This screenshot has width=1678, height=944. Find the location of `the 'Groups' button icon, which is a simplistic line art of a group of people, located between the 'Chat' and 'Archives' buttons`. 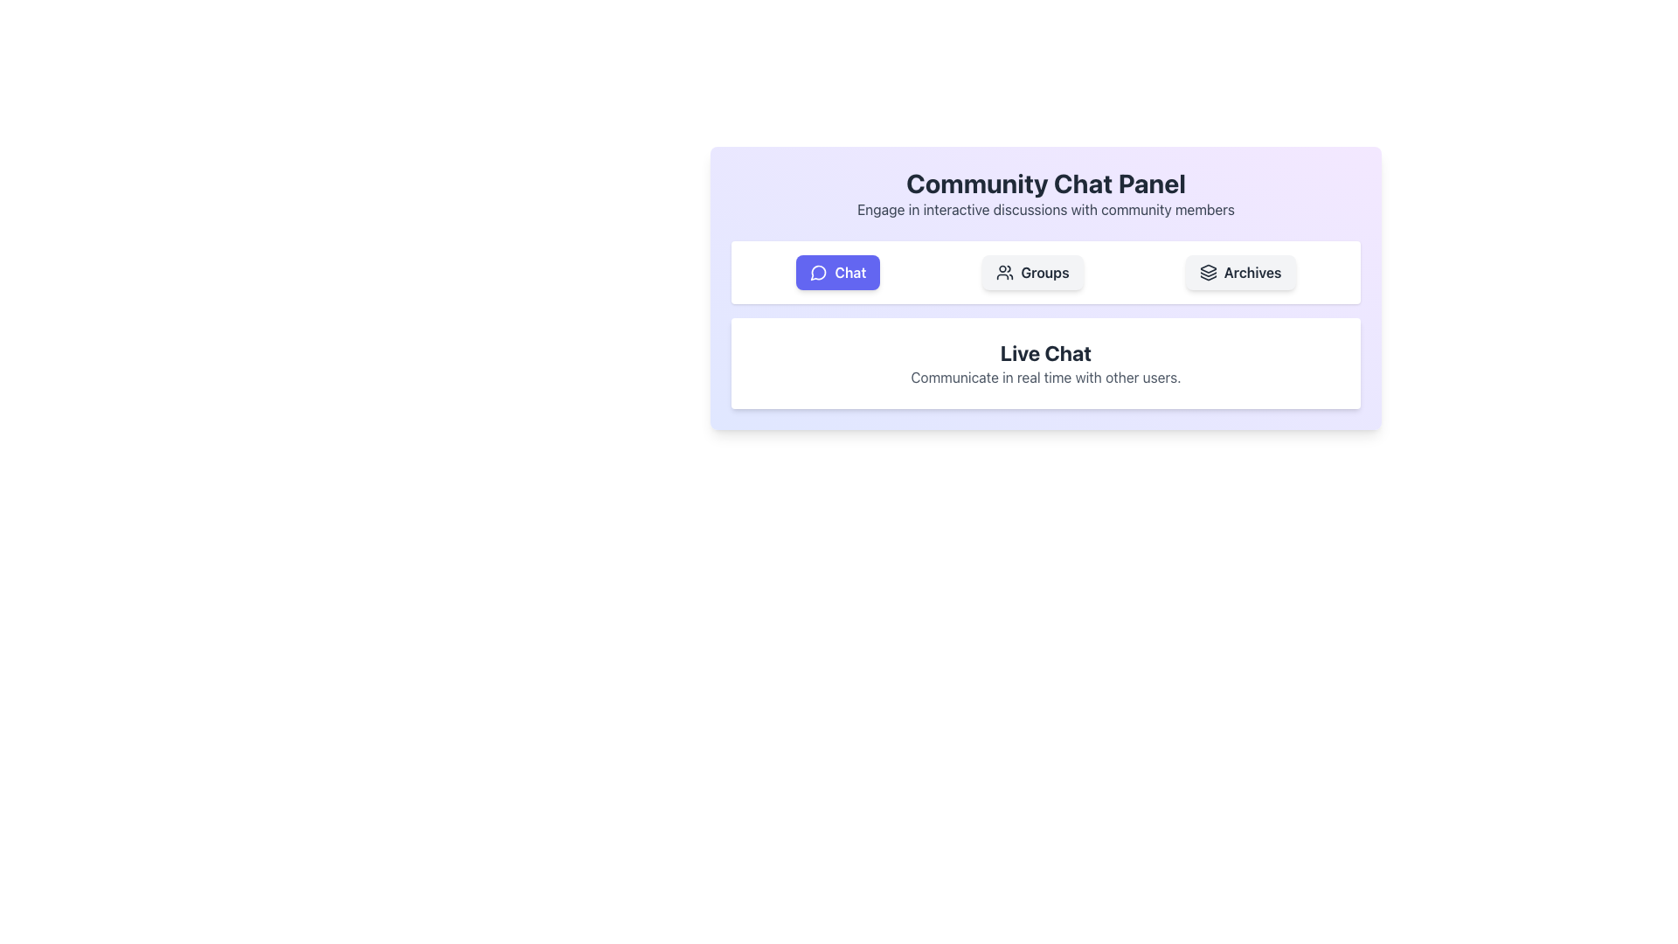

the 'Groups' button icon, which is a simplistic line art of a group of people, located between the 'Chat' and 'Archives' buttons is located at coordinates (1005, 273).